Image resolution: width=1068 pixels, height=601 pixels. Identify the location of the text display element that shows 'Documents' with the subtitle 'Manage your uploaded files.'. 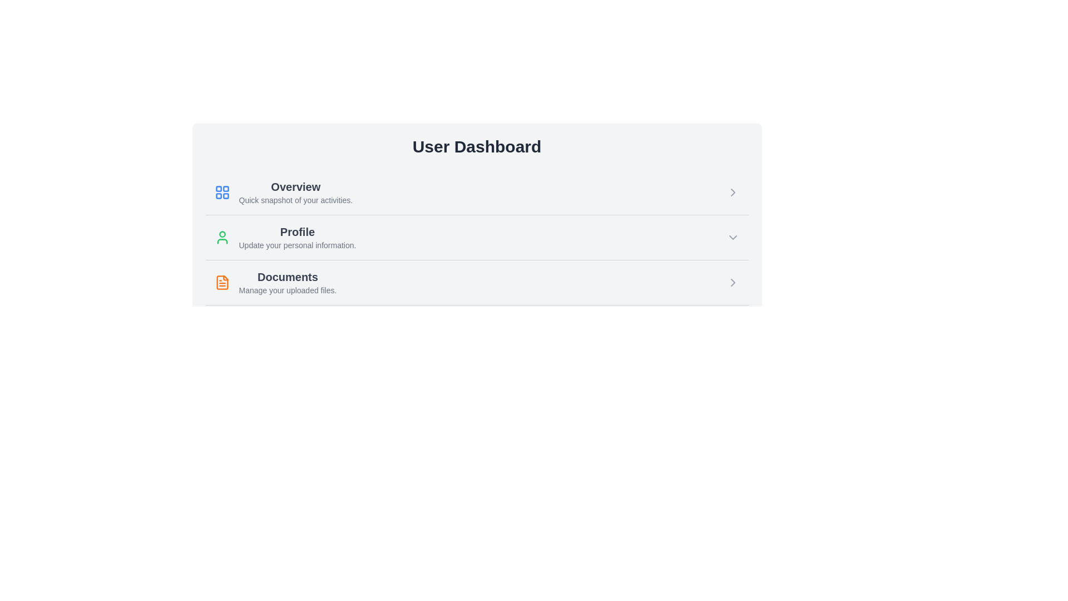
(288, 282).